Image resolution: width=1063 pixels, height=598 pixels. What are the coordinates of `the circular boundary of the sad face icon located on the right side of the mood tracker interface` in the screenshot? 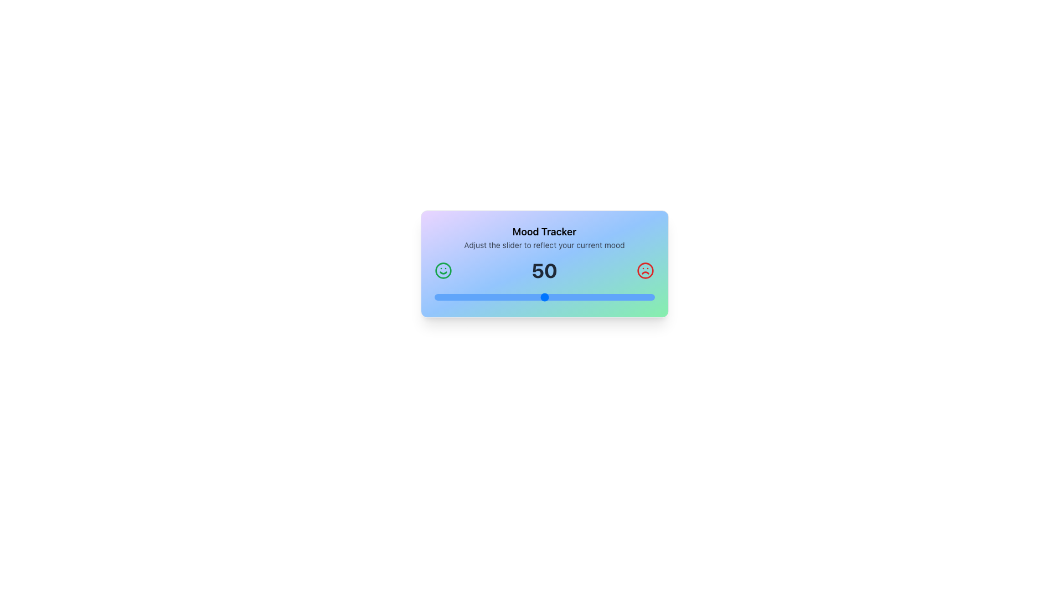 It's located at (646, 271).